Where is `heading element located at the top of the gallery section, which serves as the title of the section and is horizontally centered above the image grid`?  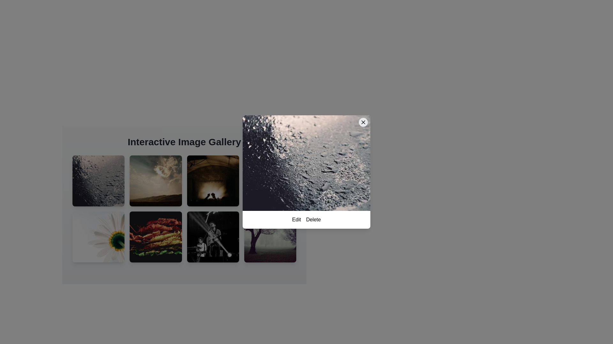 heading element located at the top of the gallery section, which serves as the title of the section and is horizontally centered above the image grid is located at coordinates (184, 142).